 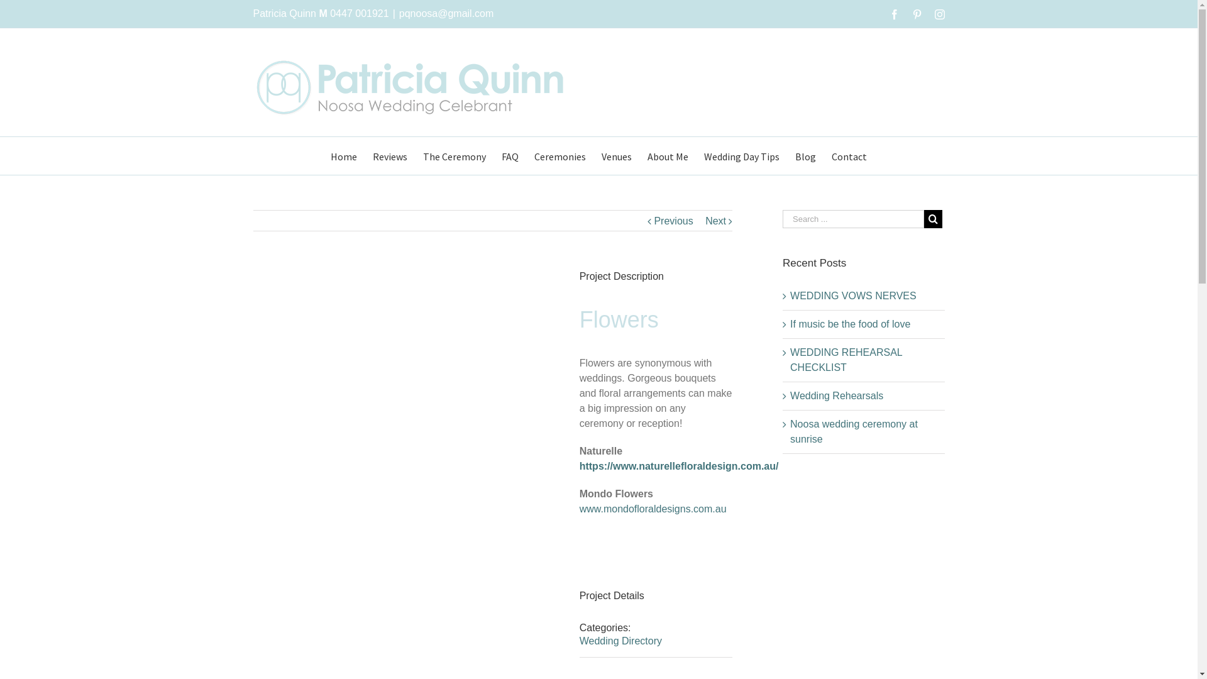 I want to click on 'Home', so click(x=331, y=155).